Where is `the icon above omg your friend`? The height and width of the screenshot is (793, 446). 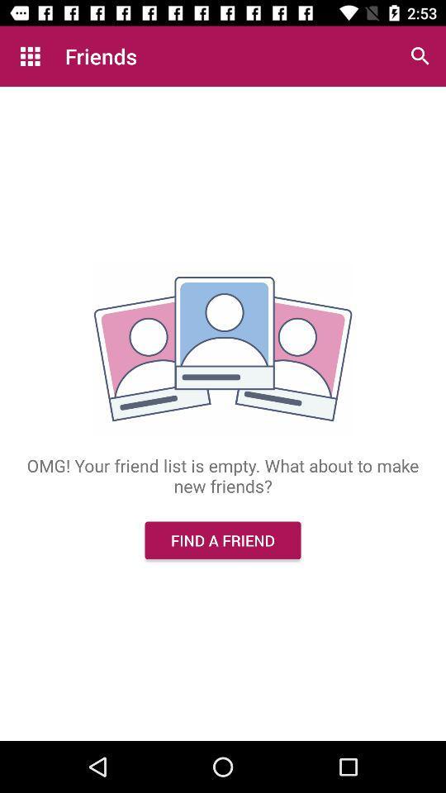 the icon above omg your friend is located at coordinates (420, 56).